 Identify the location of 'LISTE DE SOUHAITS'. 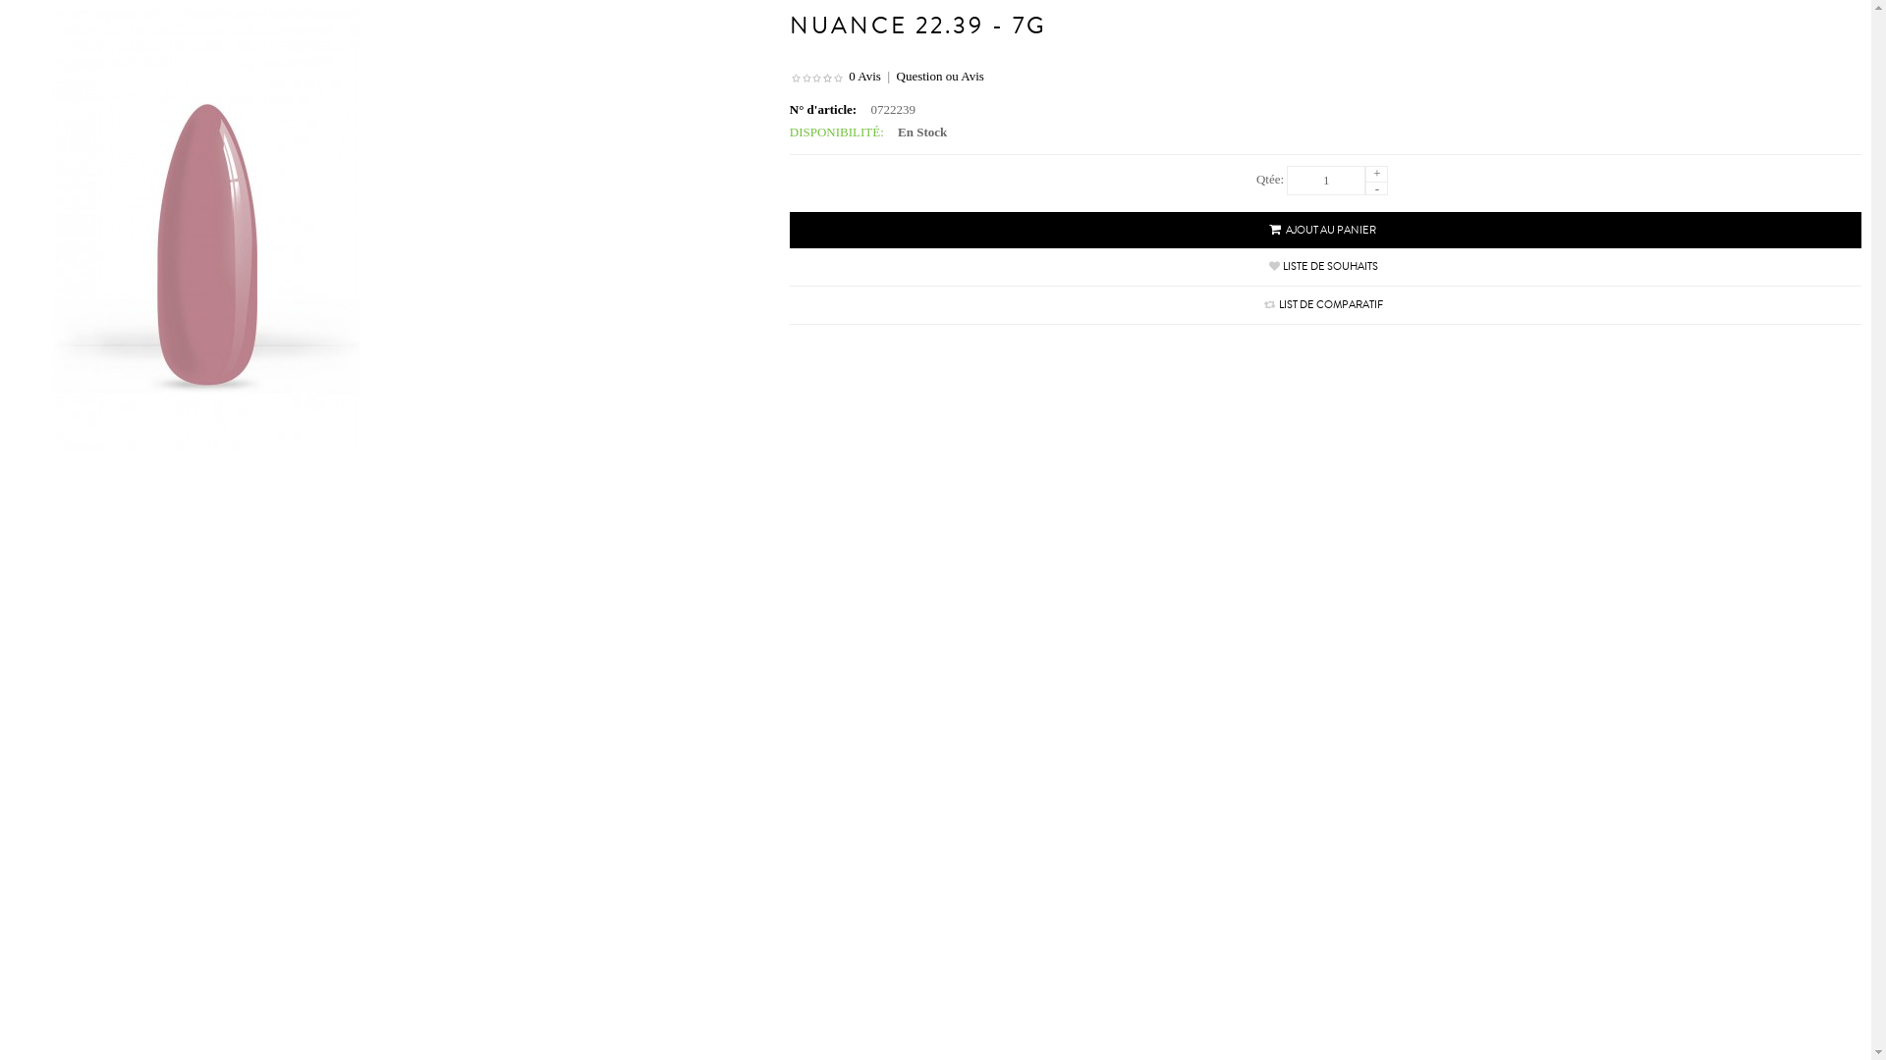
(1330, 266).